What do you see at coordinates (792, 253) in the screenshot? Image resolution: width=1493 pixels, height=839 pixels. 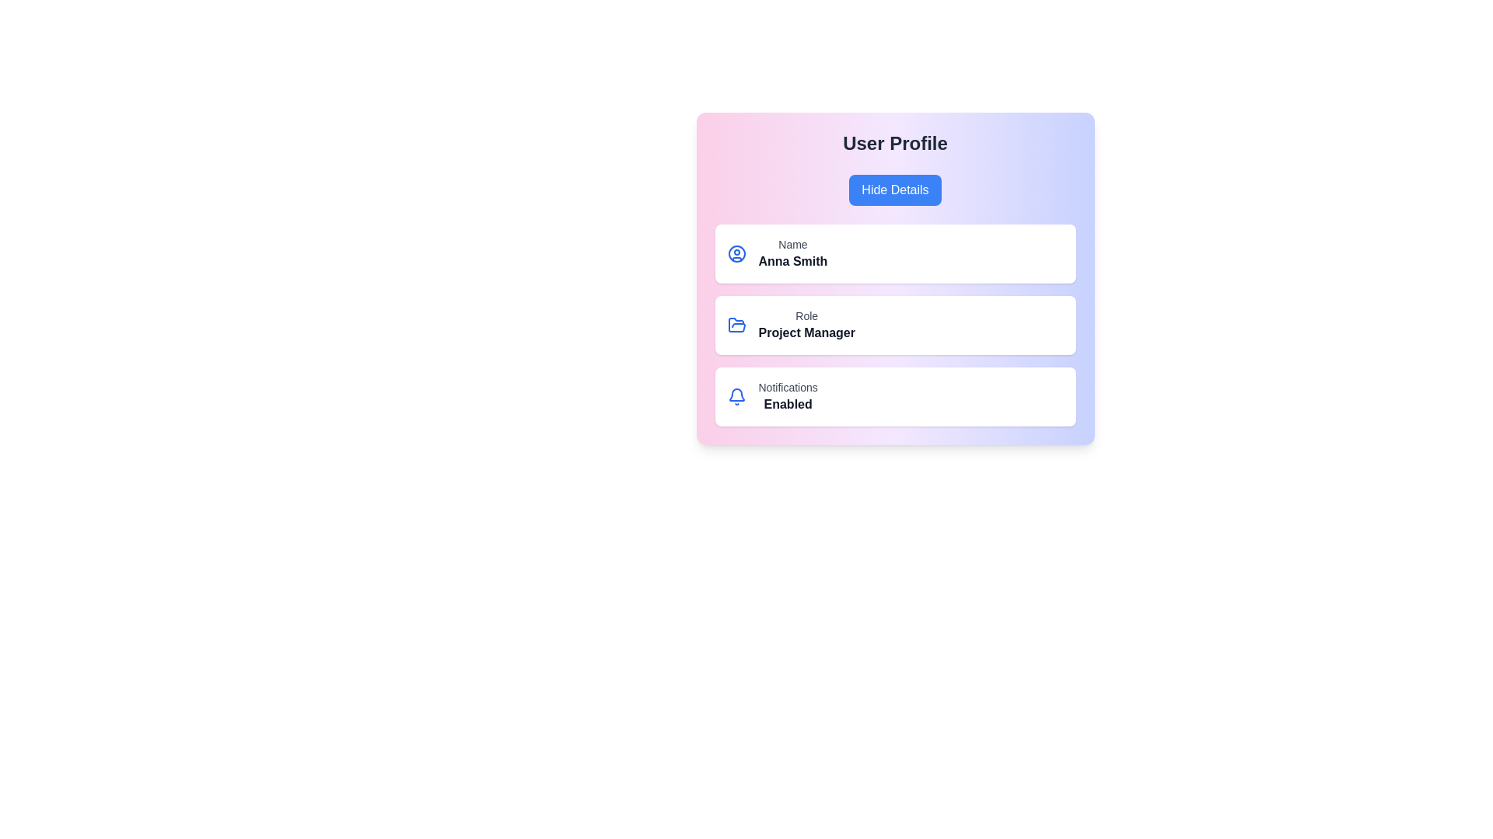 I see `name displayed in the Textual Content Display located in the top card of the user profile interface, positioned below the small icon` at bounding box center [792, 253].